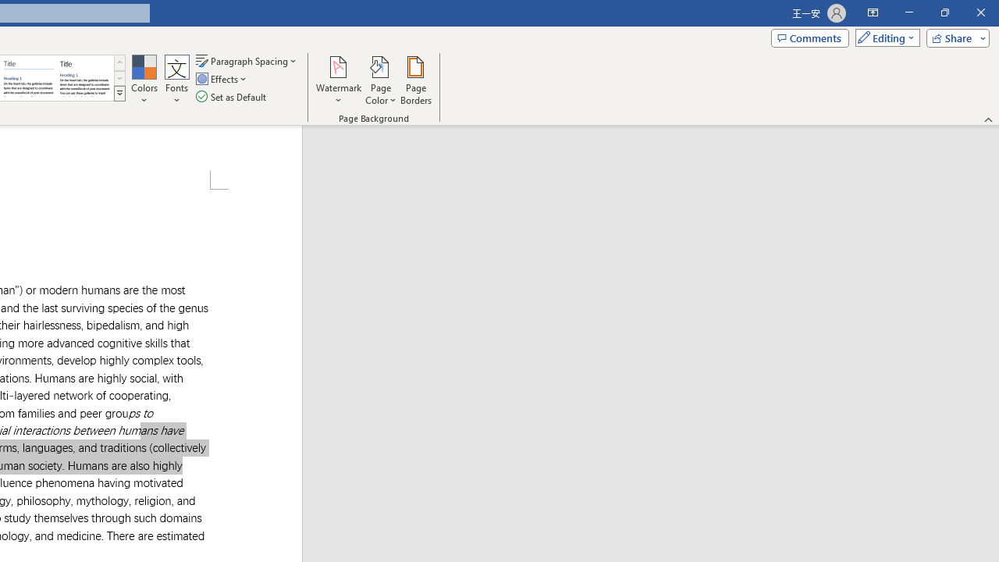  I want to click on 'Page Color', so click(381, 80).